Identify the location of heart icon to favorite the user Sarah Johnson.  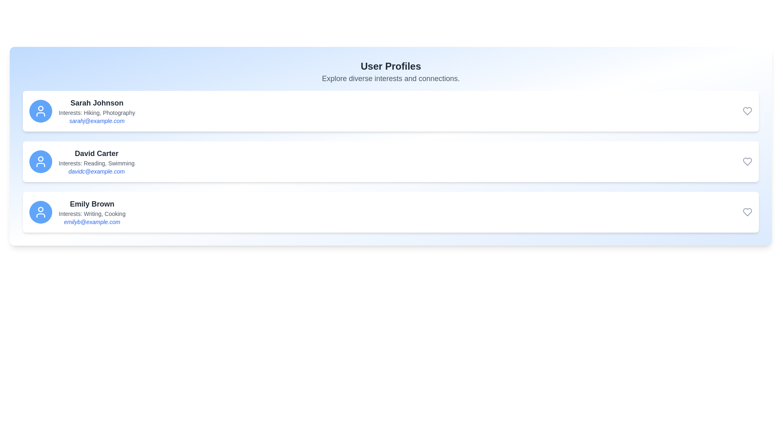
(748, 111).